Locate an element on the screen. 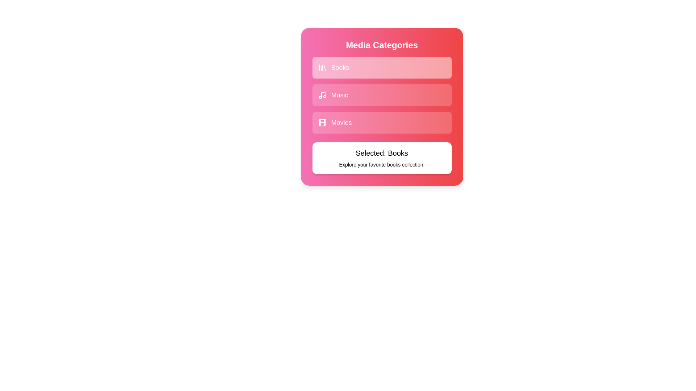 This screenshot has height=391, width=696. the category Movies to observe the hover effect is located at coordinates (381, 122).